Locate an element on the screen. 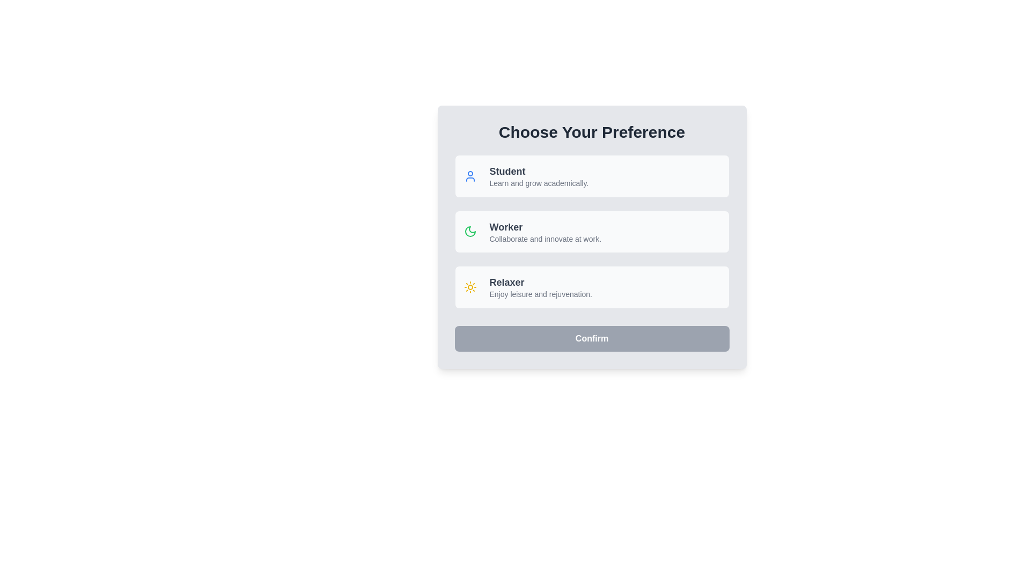 Image resolution: width=1030 pixels, height=579 pixels. the decorative icon symbolizing the 'Worker' option, located in the second row of the 'Choose Your Preference' list, to the left of the label 'Worker' is located at coordinates (470, 231).